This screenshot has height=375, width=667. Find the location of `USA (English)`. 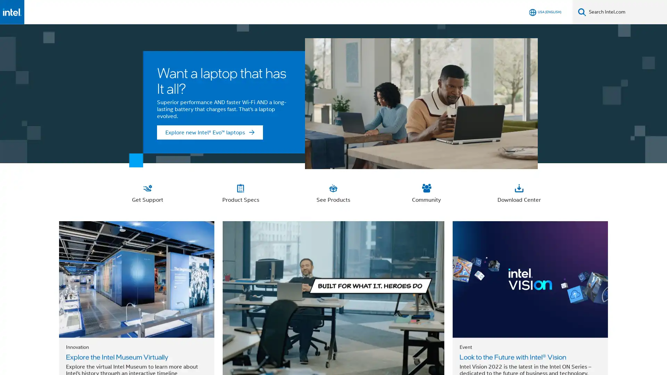

USA (English) is located at coordinates (545, 12).